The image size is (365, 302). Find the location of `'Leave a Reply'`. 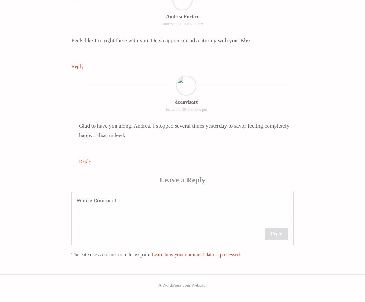

'Leave a Reply' is located at coordinates (182, 179).